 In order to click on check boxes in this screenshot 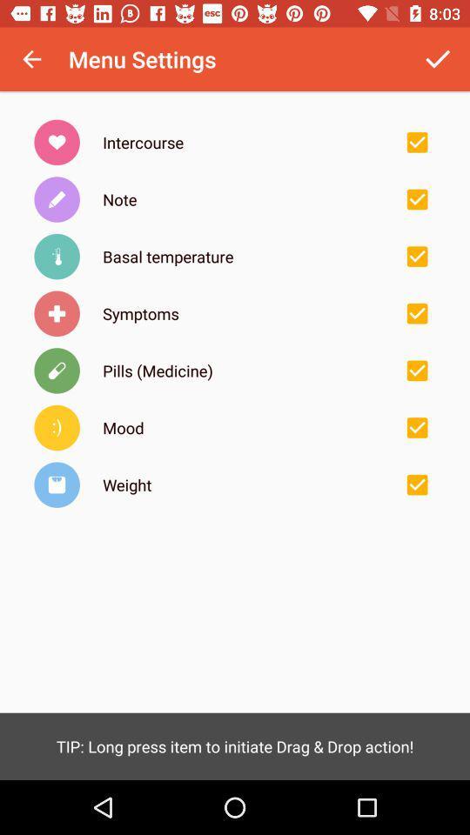, I will do `click(416, 313)`.